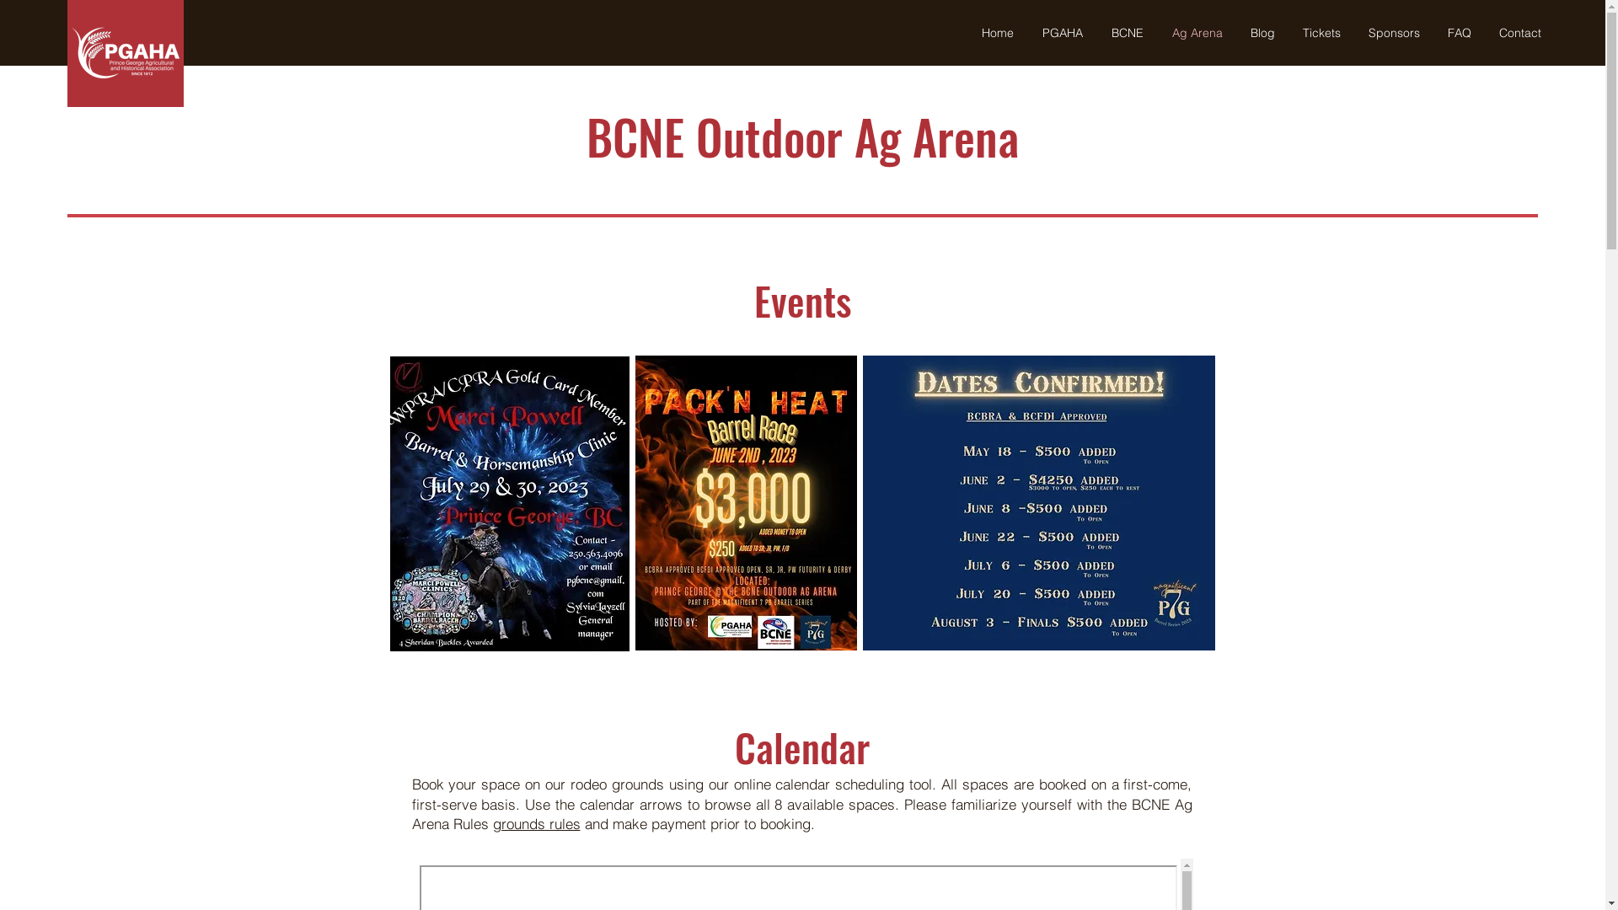 The image size is (1618, 910). I want to click on 'grounds rules', so click(534, 822).